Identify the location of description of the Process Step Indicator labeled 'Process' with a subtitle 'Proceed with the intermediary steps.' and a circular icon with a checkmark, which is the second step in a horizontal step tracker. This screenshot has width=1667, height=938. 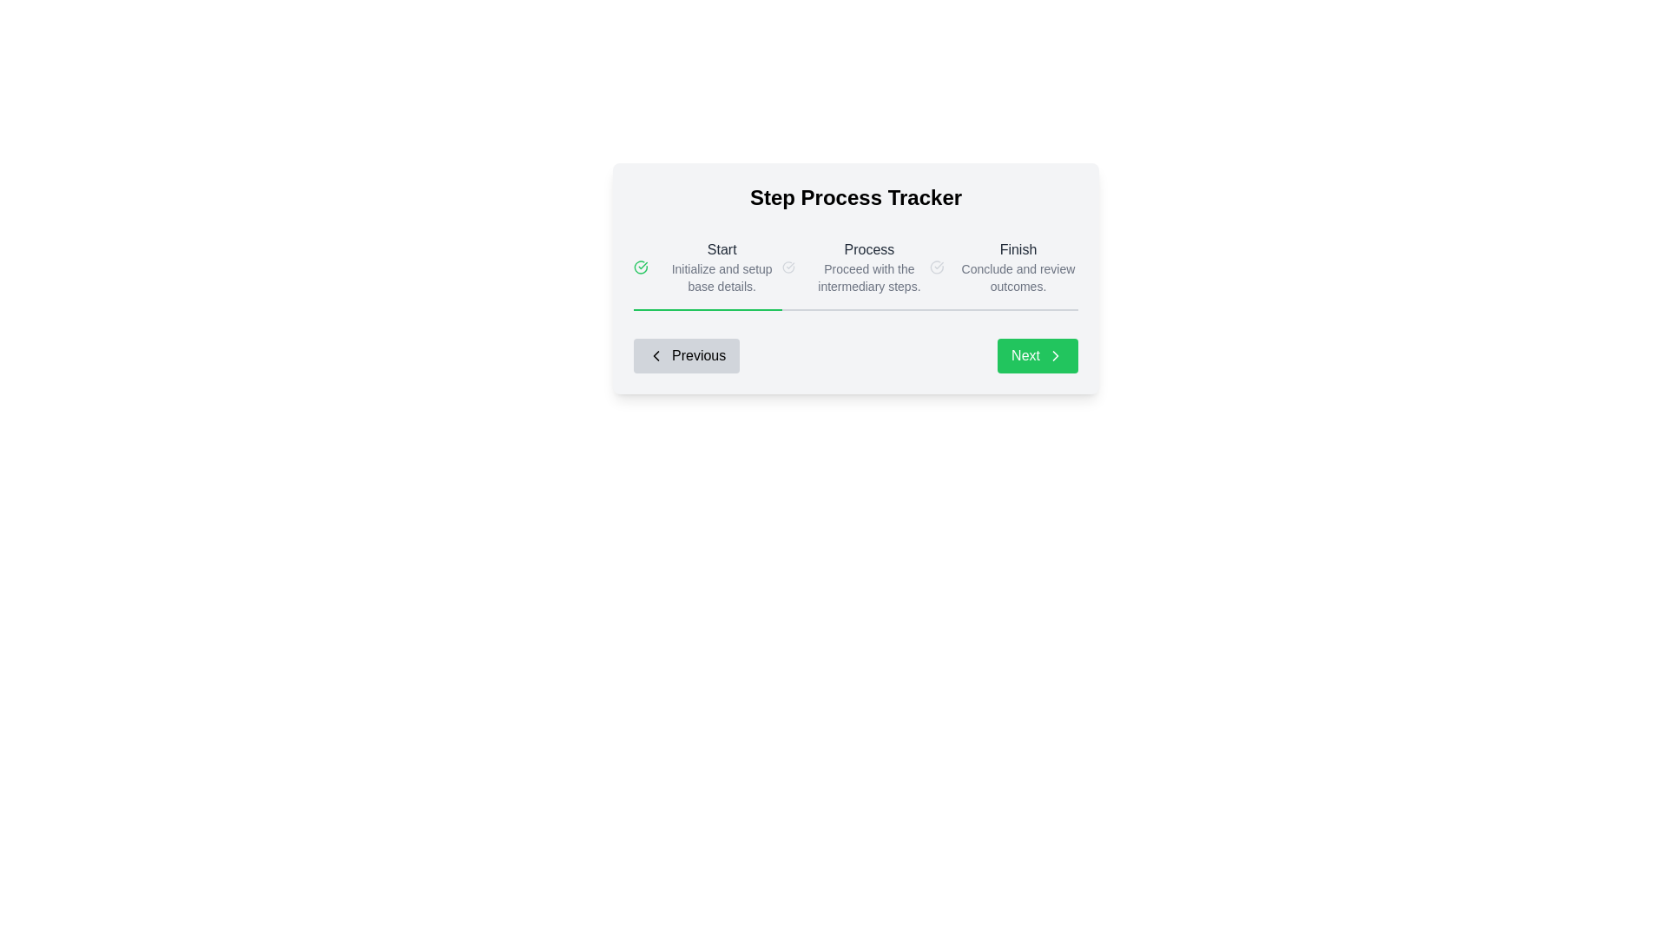
(855, 268).